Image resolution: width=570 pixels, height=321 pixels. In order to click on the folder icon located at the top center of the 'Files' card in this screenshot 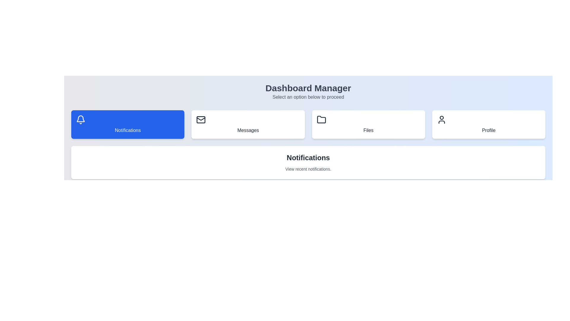, I will do `click(321, 119)`.